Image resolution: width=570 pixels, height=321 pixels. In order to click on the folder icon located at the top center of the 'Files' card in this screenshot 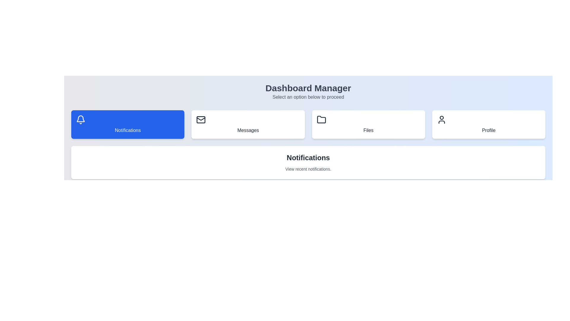, I will do `click(321, 119)`.